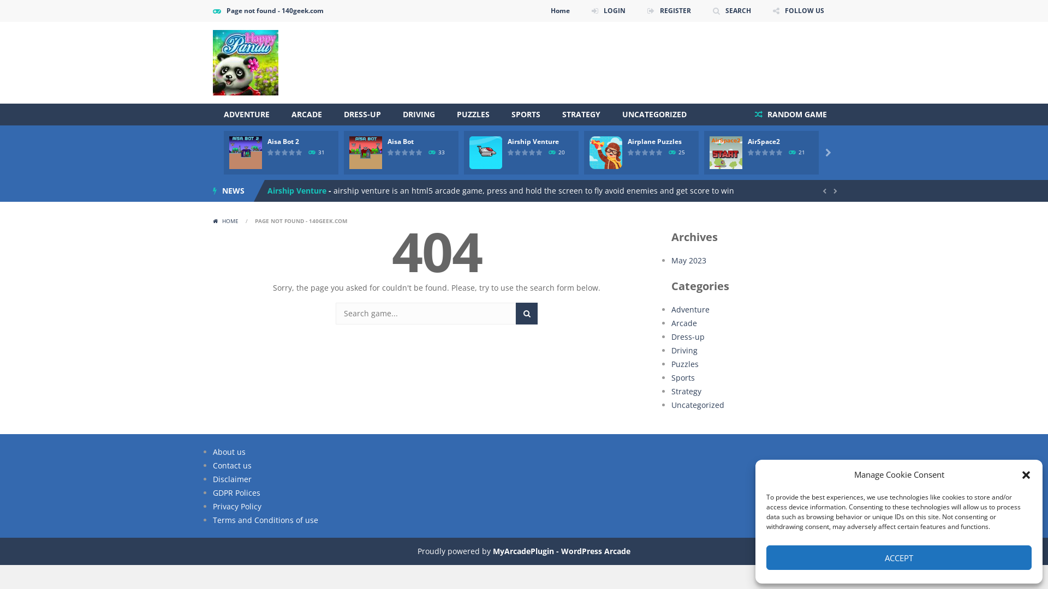  What do you see at coordinates (362, 114) in the screenshot?
I see `'DRESS-UP'` at bounding box center [362, 114].